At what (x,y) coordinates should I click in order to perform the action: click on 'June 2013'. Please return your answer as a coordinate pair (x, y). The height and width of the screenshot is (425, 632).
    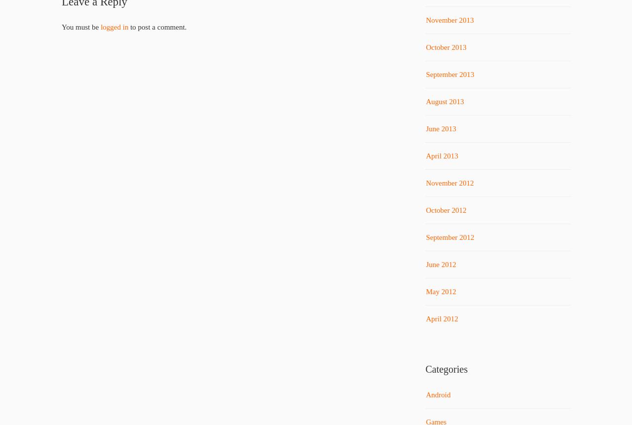
    Looking at the image, I should click on (425, 128).